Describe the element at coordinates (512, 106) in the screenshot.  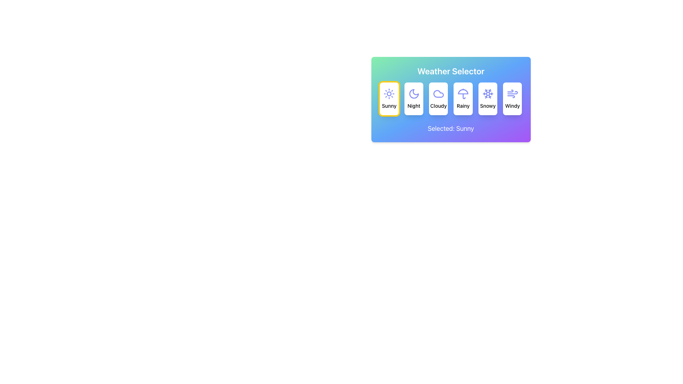
I see `the 'Windy' text label element, which displays the word 'Windy' in a medium-sized sans-serif font, positioned at the bottom of the 'Windy' selection card` at that location.